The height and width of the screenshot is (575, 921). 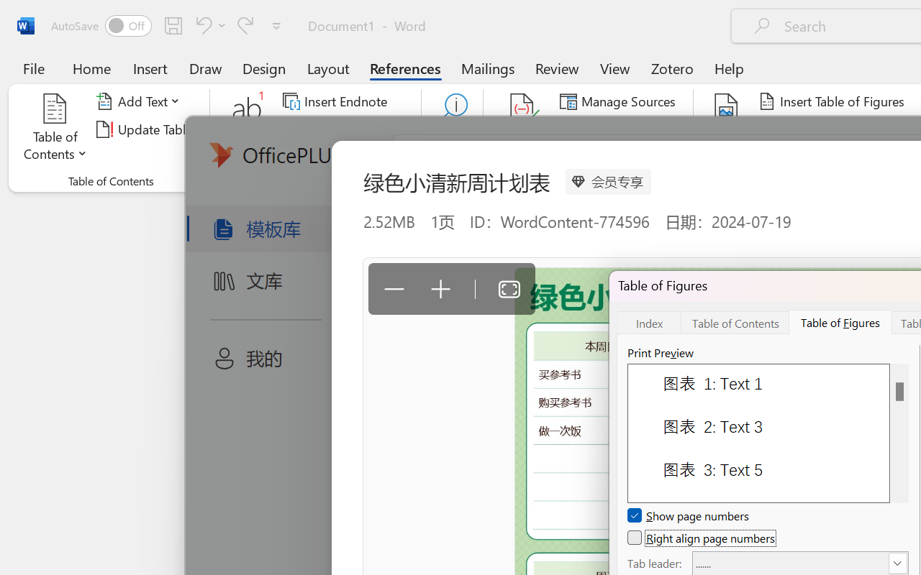 What do you see at coordinates (140, 101) in the screenshot?
I see `'Add Text'` at bounding box center [140, 101].